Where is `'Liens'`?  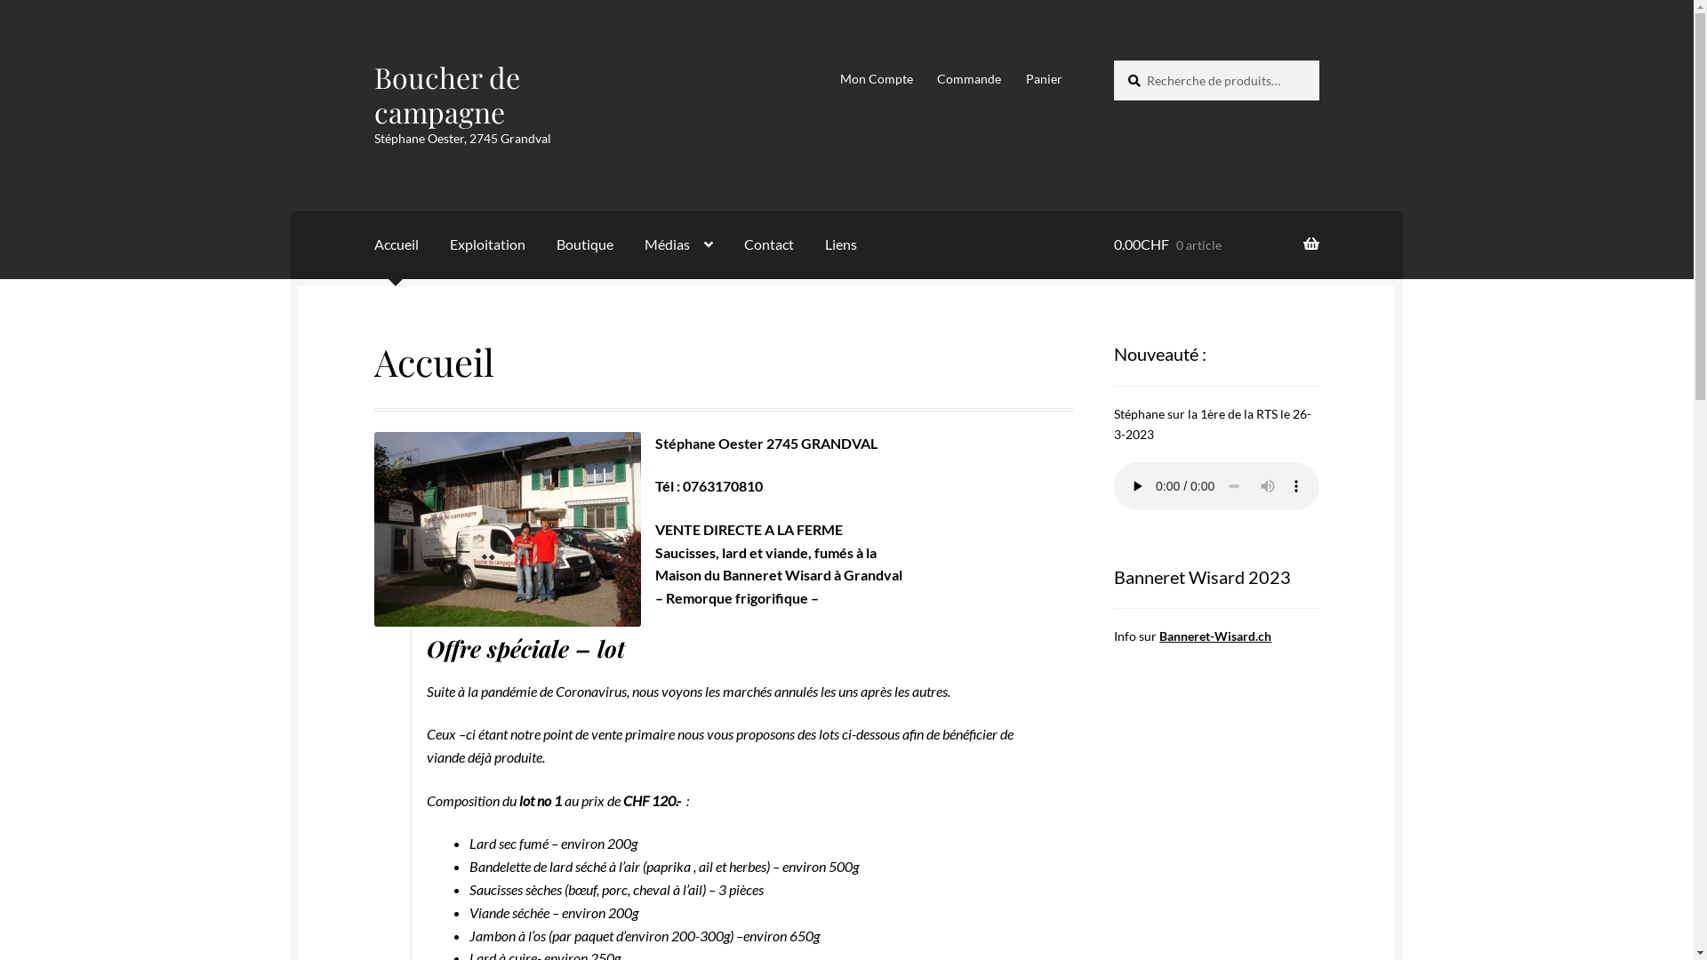
'Liens' is located at coordinates (839, 244).